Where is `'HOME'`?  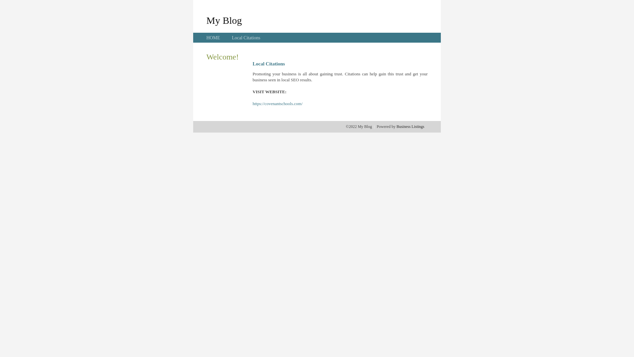 'HOME' is located at coordinates (213, 38).